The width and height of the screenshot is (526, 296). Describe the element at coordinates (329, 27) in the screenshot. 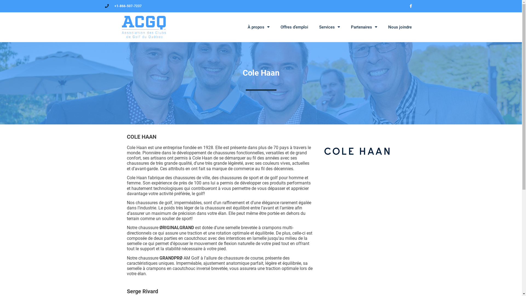

I see `'Services'` at that location.